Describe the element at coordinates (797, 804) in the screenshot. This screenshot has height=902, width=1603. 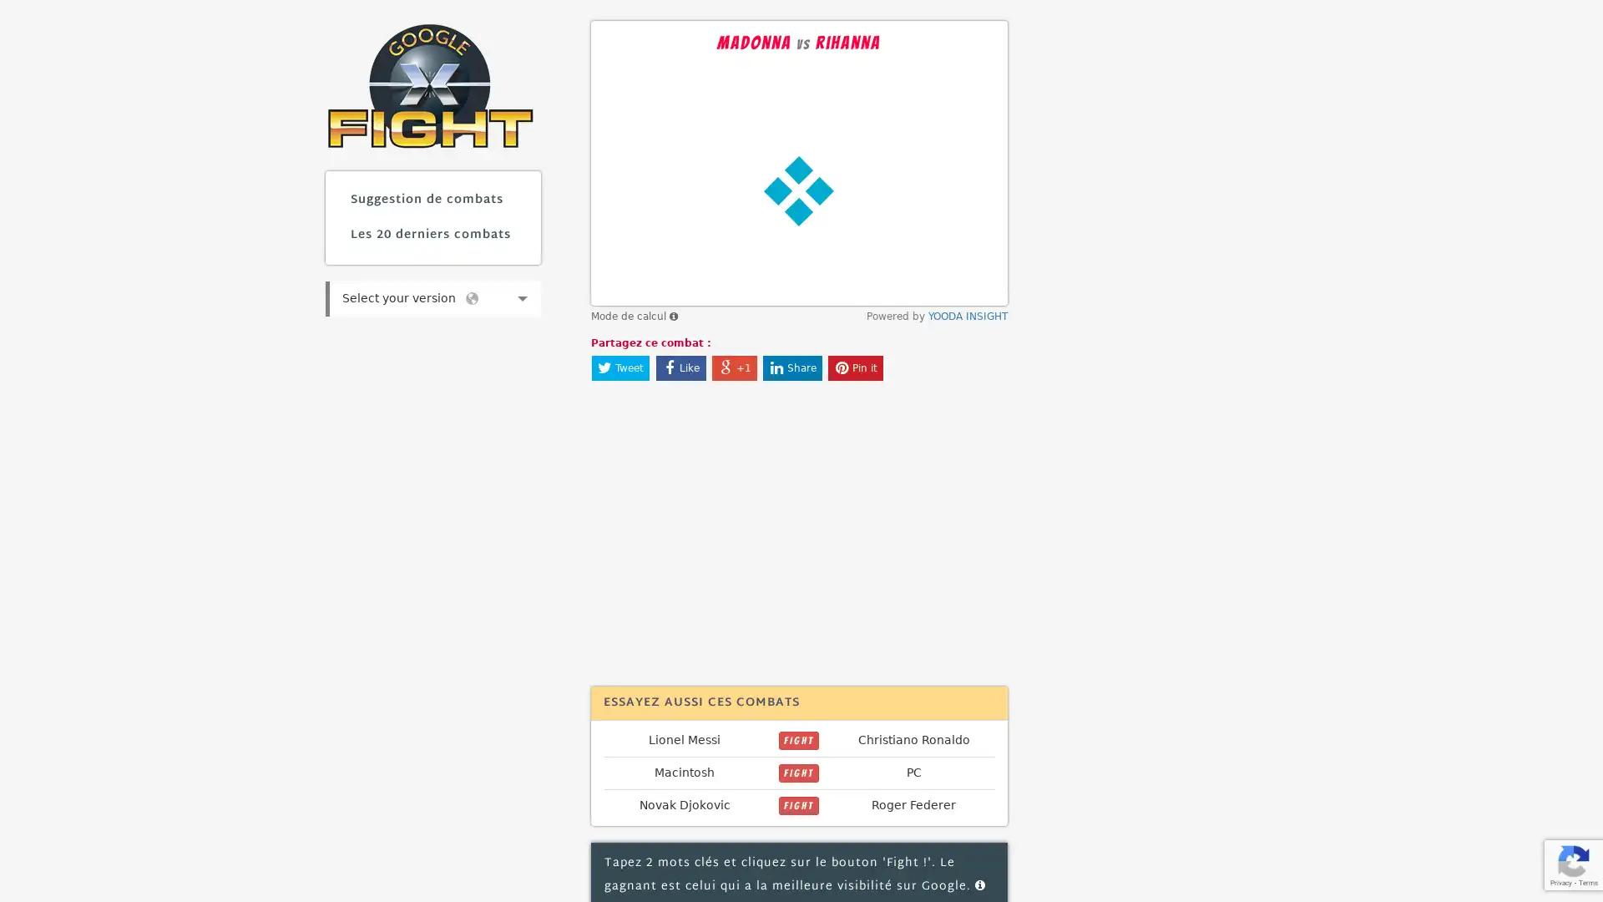
I see `FIGHT` at that location.